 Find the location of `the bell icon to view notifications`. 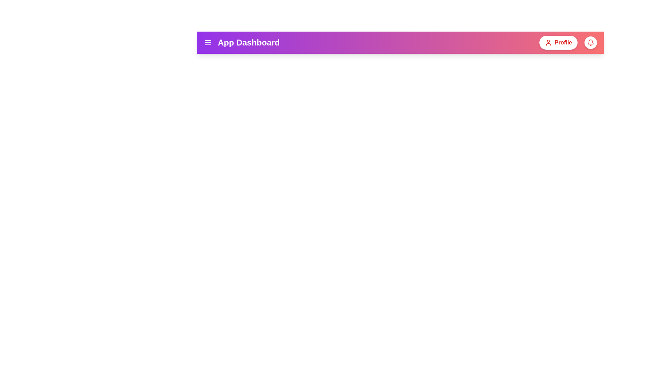

the bell icon to view notifications is located at coordinates (590, 43).